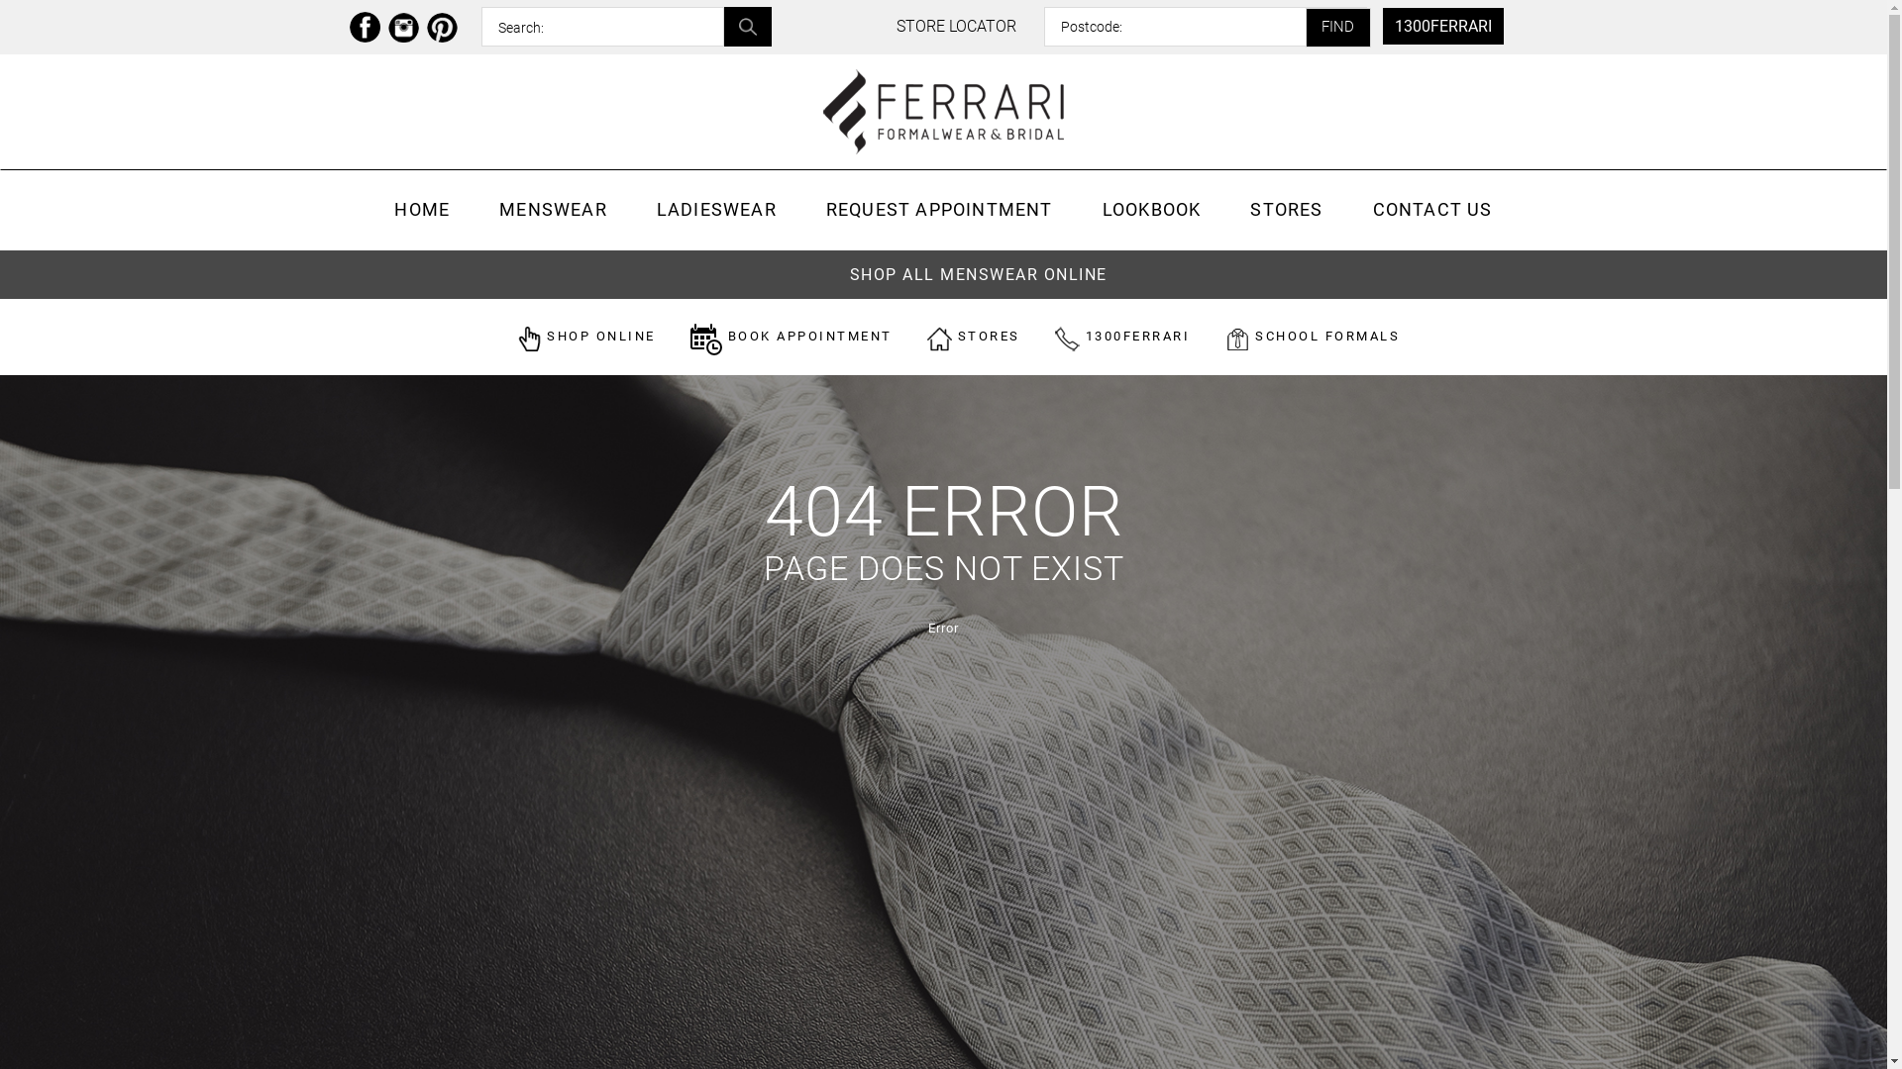 The height and width of the screenshot is (1069, 1902). What do you see at coordinates (1432, 210) in the screenshot?
I see `'CONTACT US'` at bounding box center [1432, 210].